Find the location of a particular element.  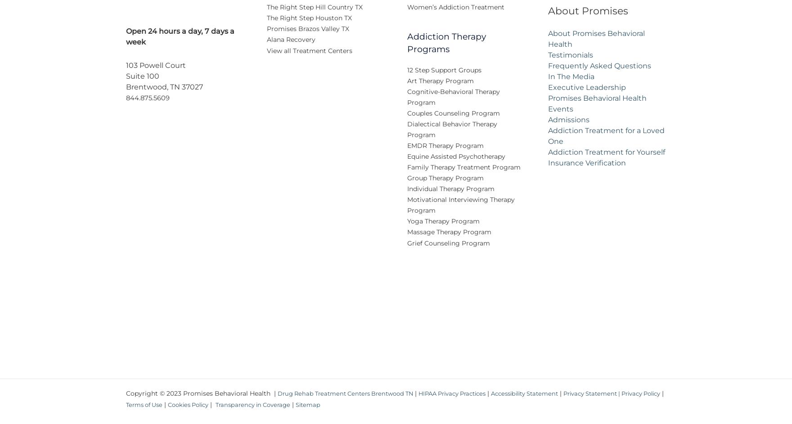

'Transparency in Coverage' is located at coordinates (275, 410).